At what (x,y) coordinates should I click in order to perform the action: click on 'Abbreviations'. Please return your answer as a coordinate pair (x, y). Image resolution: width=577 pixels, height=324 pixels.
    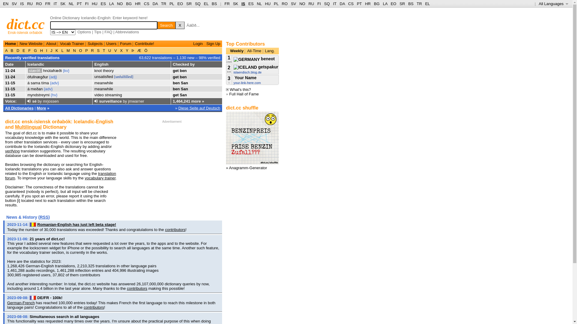
    Looking at the image, I should click on (127, 32).